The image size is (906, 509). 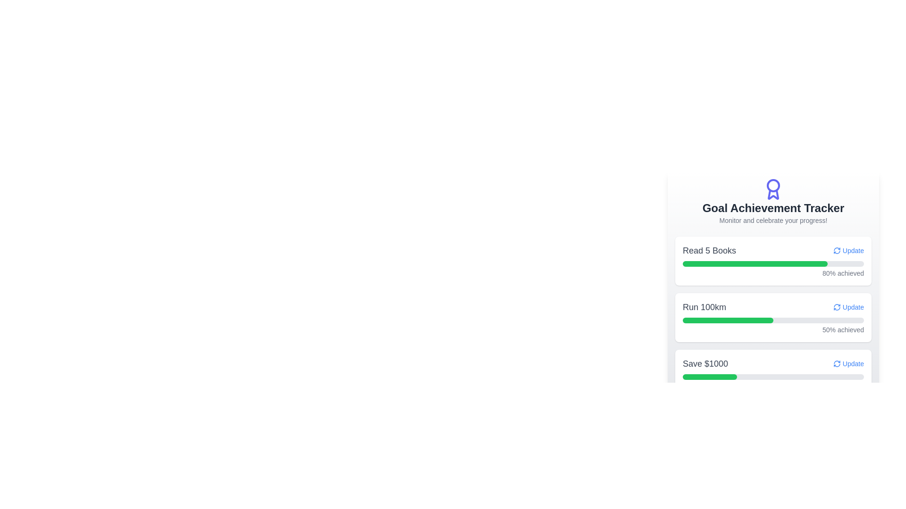 What do you see at coordinates (773, 208) in the screenshot?
I see `the text label that reads 'Goal Achievement Tracker', which is styled in a larger, bold grayish-black font, located below the illustrated badge icon and above the descriptive text` at bounding box center [773, 208].